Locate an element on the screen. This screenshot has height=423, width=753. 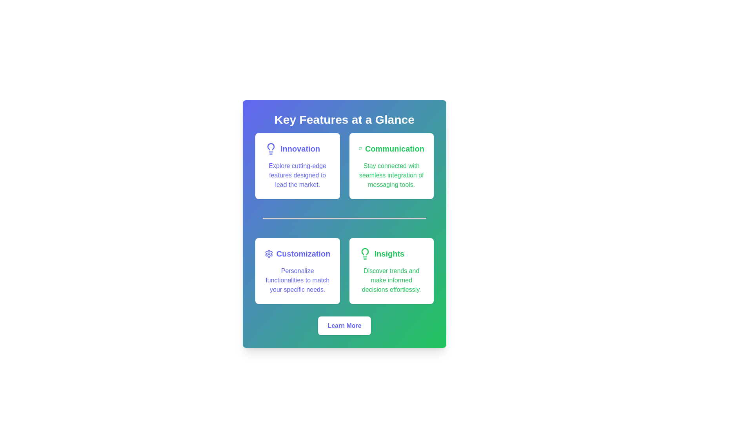
the informational text block located in the 'Communication' card, which is the second textual element below the title 'Communication' is located at coordinates (391, 175).